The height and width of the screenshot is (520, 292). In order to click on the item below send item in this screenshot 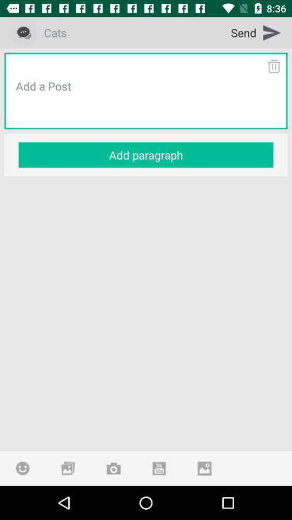, I will do `click(273, 66)`.